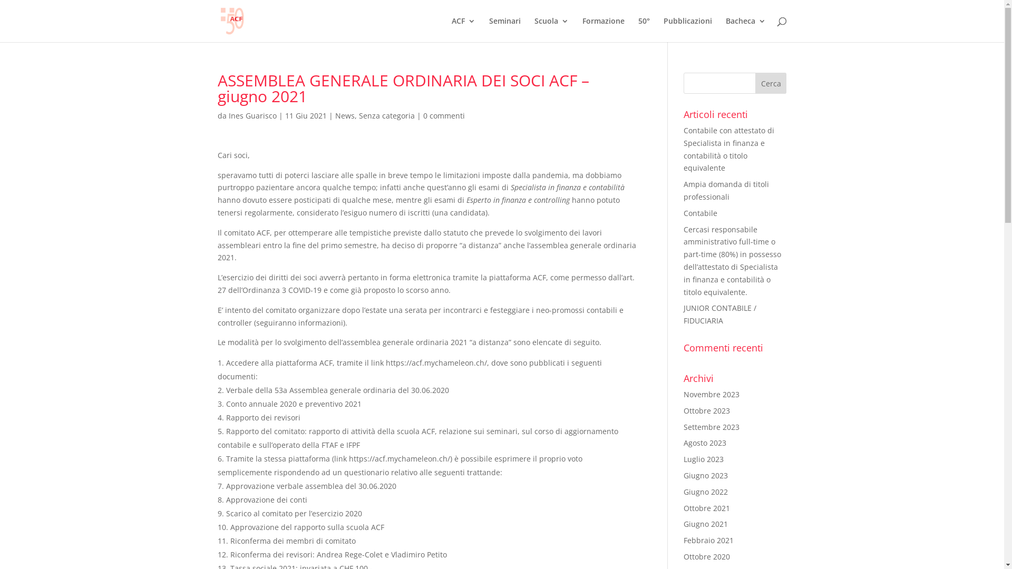 The image size is (1012, 569). Describe the element at coordinates (708, 540) in the screenshot. I see `'Febbraio 2021'` at that location.